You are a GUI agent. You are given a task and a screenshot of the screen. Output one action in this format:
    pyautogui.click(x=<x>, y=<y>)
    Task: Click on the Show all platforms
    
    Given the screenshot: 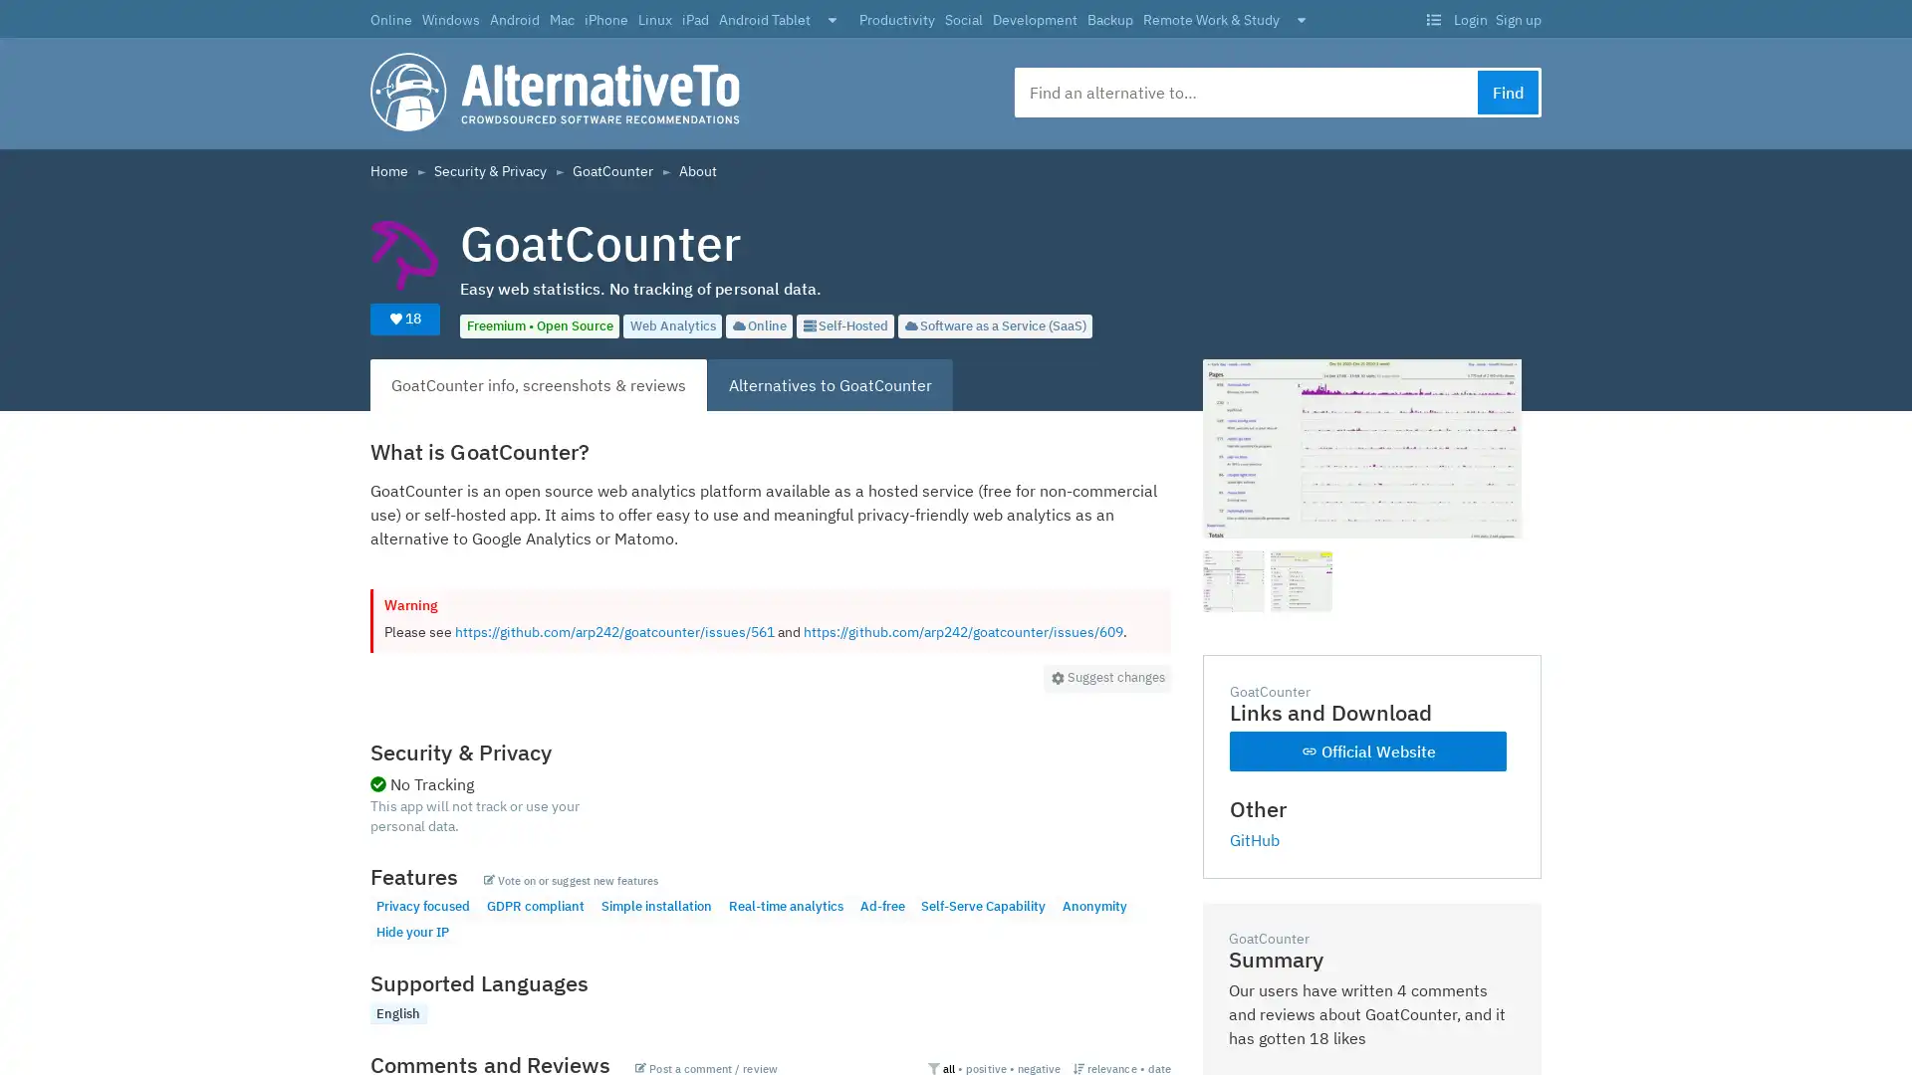 What is the action you would take?
    pyautogui.click(x=832, y=21)
    